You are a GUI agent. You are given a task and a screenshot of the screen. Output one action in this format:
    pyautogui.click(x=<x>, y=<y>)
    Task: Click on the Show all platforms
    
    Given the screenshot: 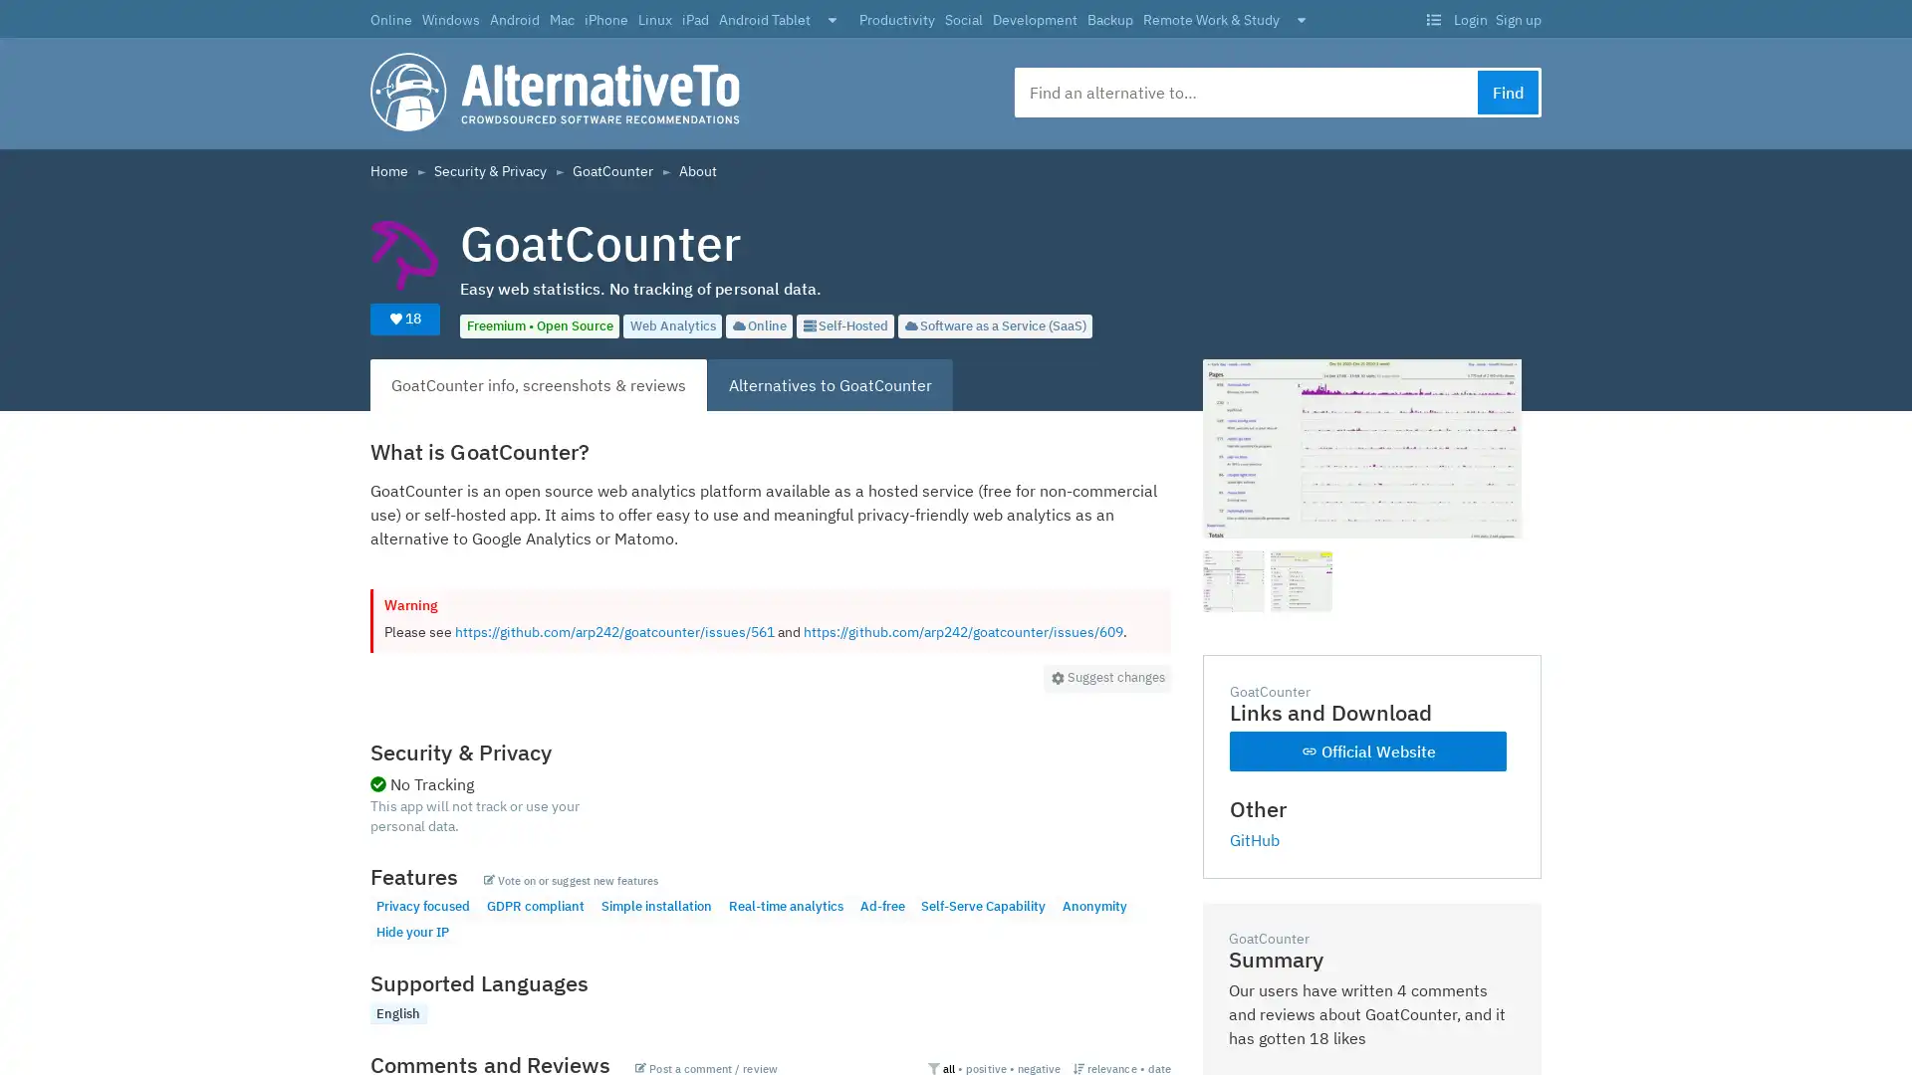 What is the action you would take?
    pyautogui.click(x=832, y=21)
    